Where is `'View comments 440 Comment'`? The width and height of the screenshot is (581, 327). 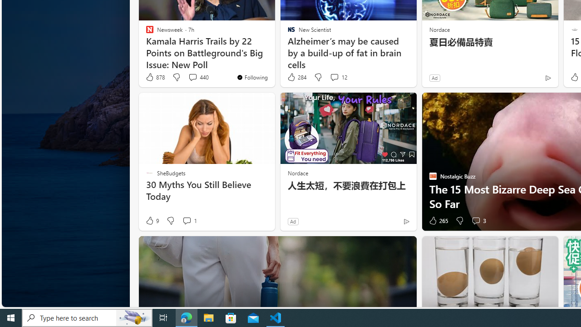 'View comments 440 Comment' is located at coordinates (198, 77).